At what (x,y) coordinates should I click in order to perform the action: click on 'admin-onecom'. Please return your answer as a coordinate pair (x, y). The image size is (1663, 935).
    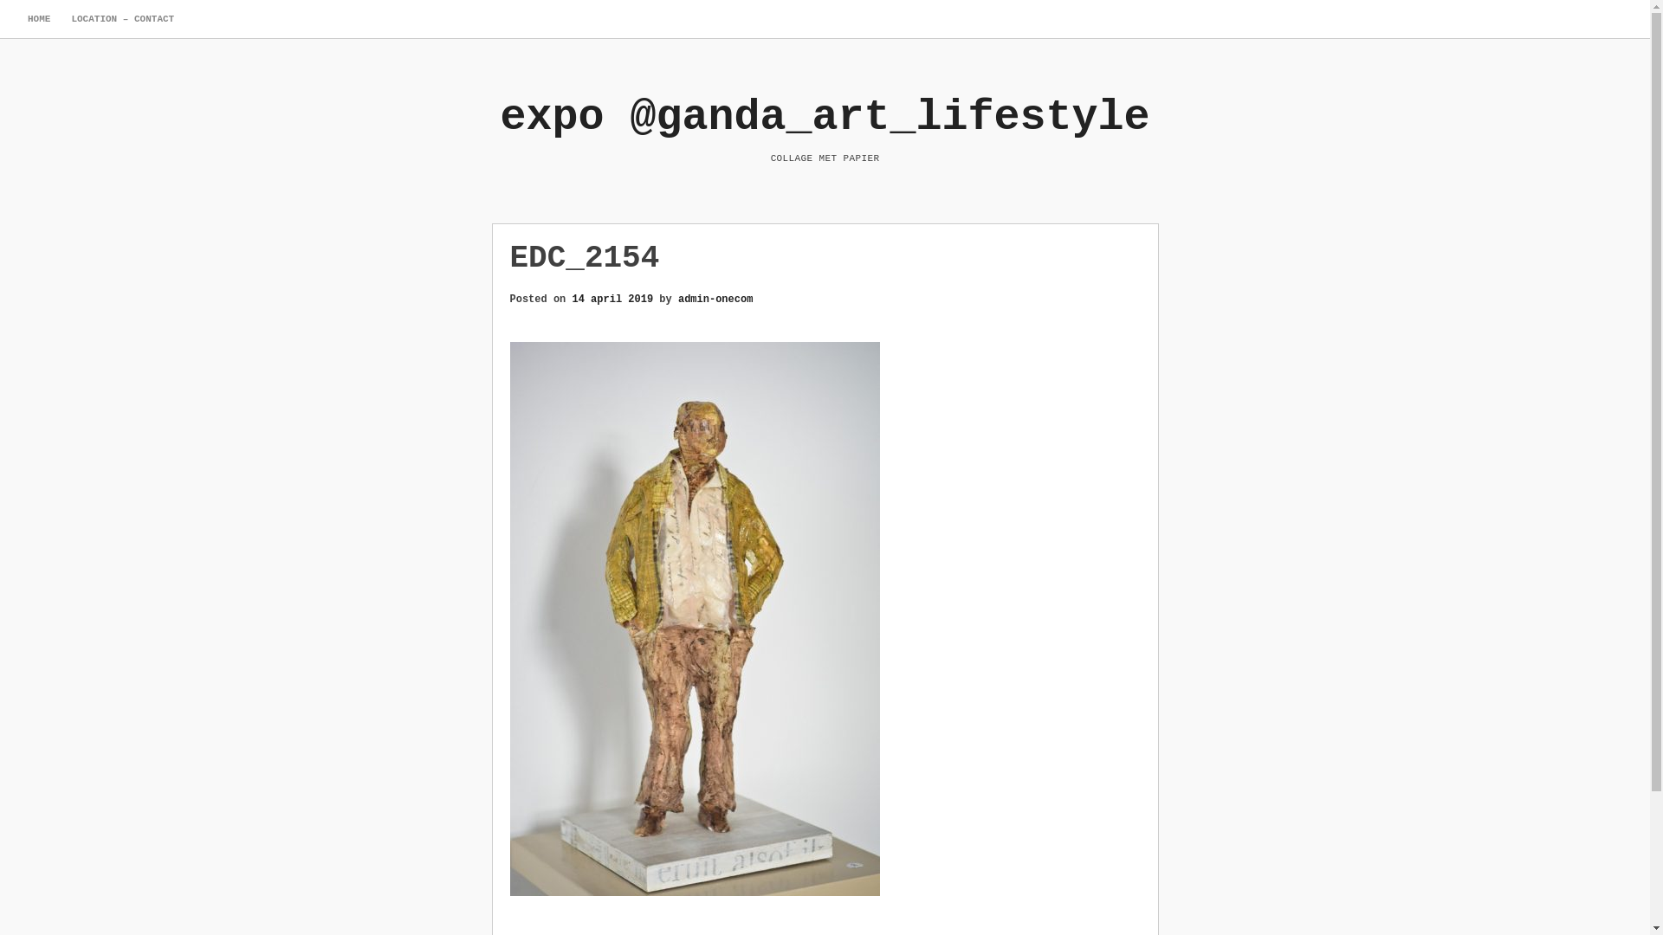
    Looking at the image, I should click on (715, 297).